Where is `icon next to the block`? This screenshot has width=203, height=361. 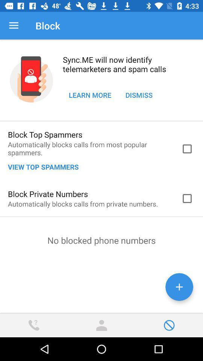 icon next to the block is located at coordinates (14, 26).